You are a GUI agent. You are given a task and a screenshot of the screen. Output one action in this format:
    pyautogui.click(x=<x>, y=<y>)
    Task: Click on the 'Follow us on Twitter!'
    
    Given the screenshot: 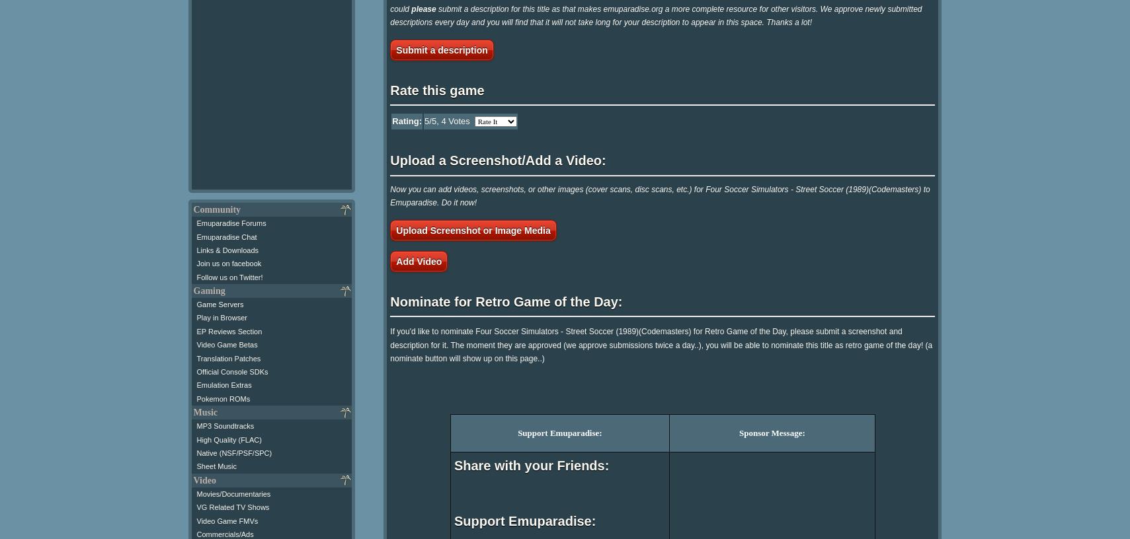 What is the action you would take?
    pyautogui.click(x=228, y=276)
    